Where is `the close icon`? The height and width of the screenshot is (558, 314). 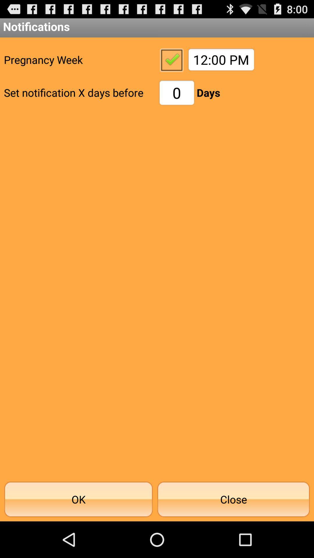 the close icon is located at coordinates (233, 499).